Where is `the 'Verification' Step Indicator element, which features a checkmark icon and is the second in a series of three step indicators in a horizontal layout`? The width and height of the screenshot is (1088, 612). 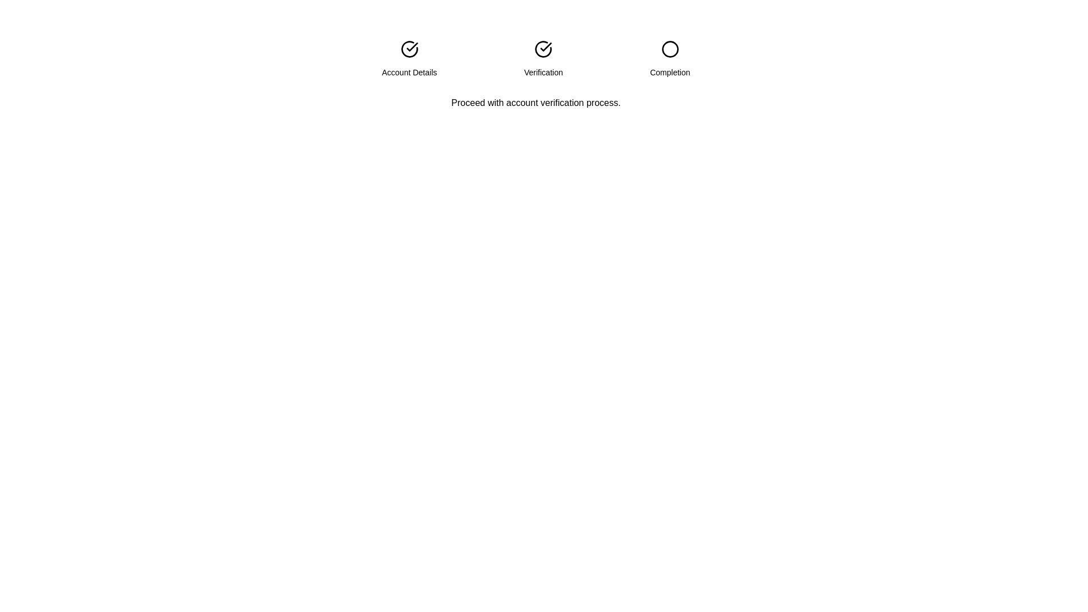 the 'Verification' Step Indicator element, which features a checkmark icon and is the second in a series of three step indicators in a horizontal layout is located at coordinates (543, 59).